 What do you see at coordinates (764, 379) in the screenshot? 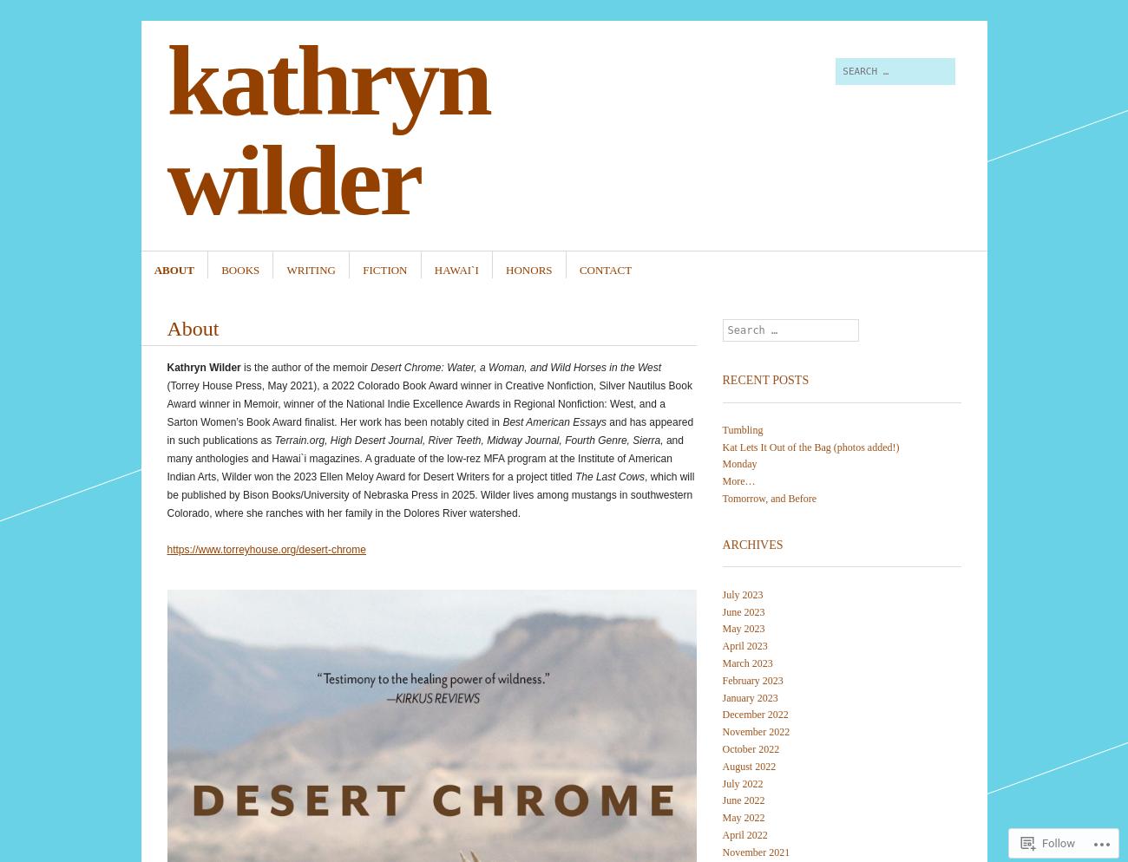
I see `'Recent Posts'` at bounding box center [764, 379].